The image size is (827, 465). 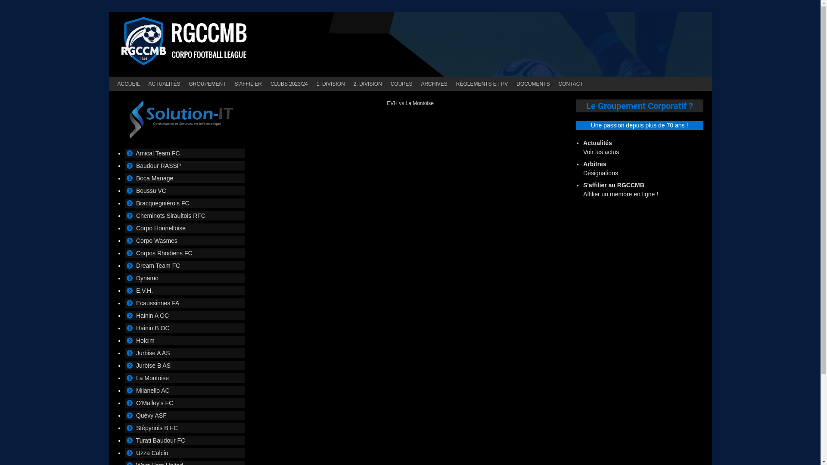 I want to click on 'CONTACT', so click(x=571, y=84).